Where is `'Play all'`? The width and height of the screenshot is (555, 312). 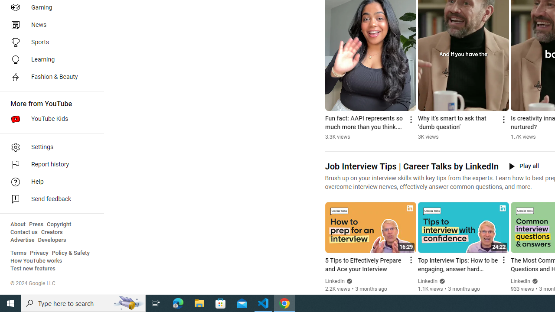
'Play all' is located at coordinates (523, 166).